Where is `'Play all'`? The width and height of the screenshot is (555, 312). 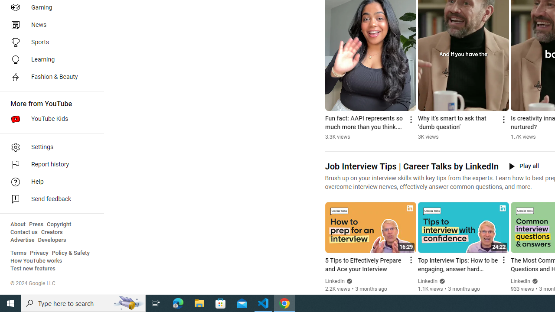
'Play all' is located at coordinates (523, 166).